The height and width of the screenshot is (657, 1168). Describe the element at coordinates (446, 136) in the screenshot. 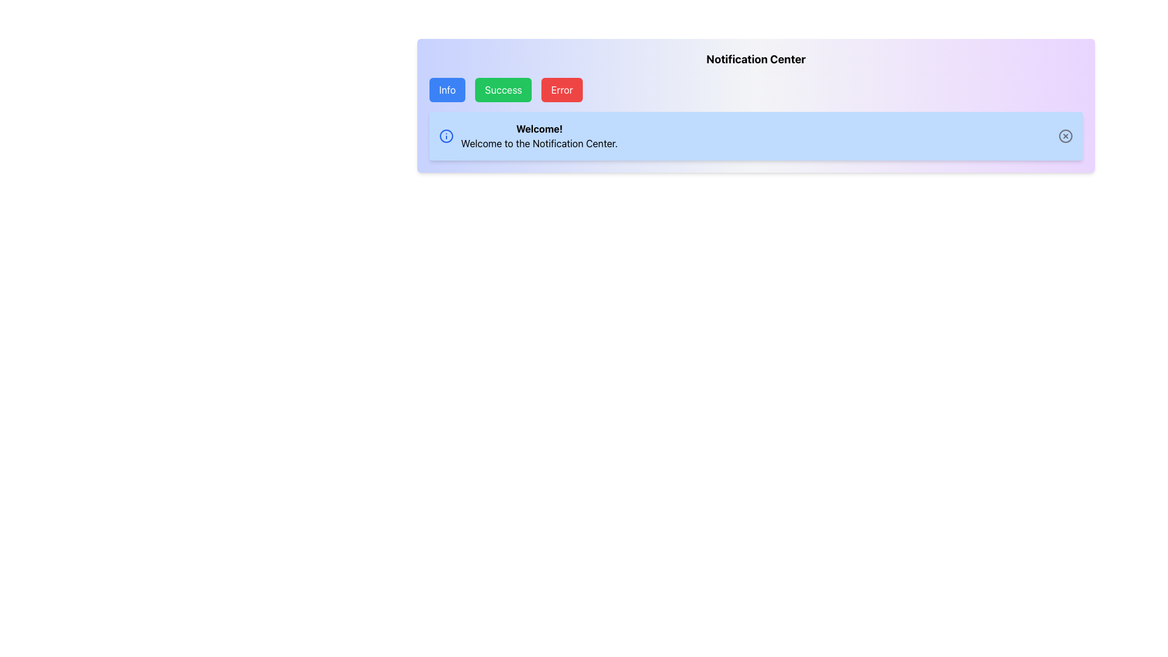

I see `the outlined circular SVG element that is part of an informational icon within the notification card, located to the left of the 'Welcome!' text block` at that location.